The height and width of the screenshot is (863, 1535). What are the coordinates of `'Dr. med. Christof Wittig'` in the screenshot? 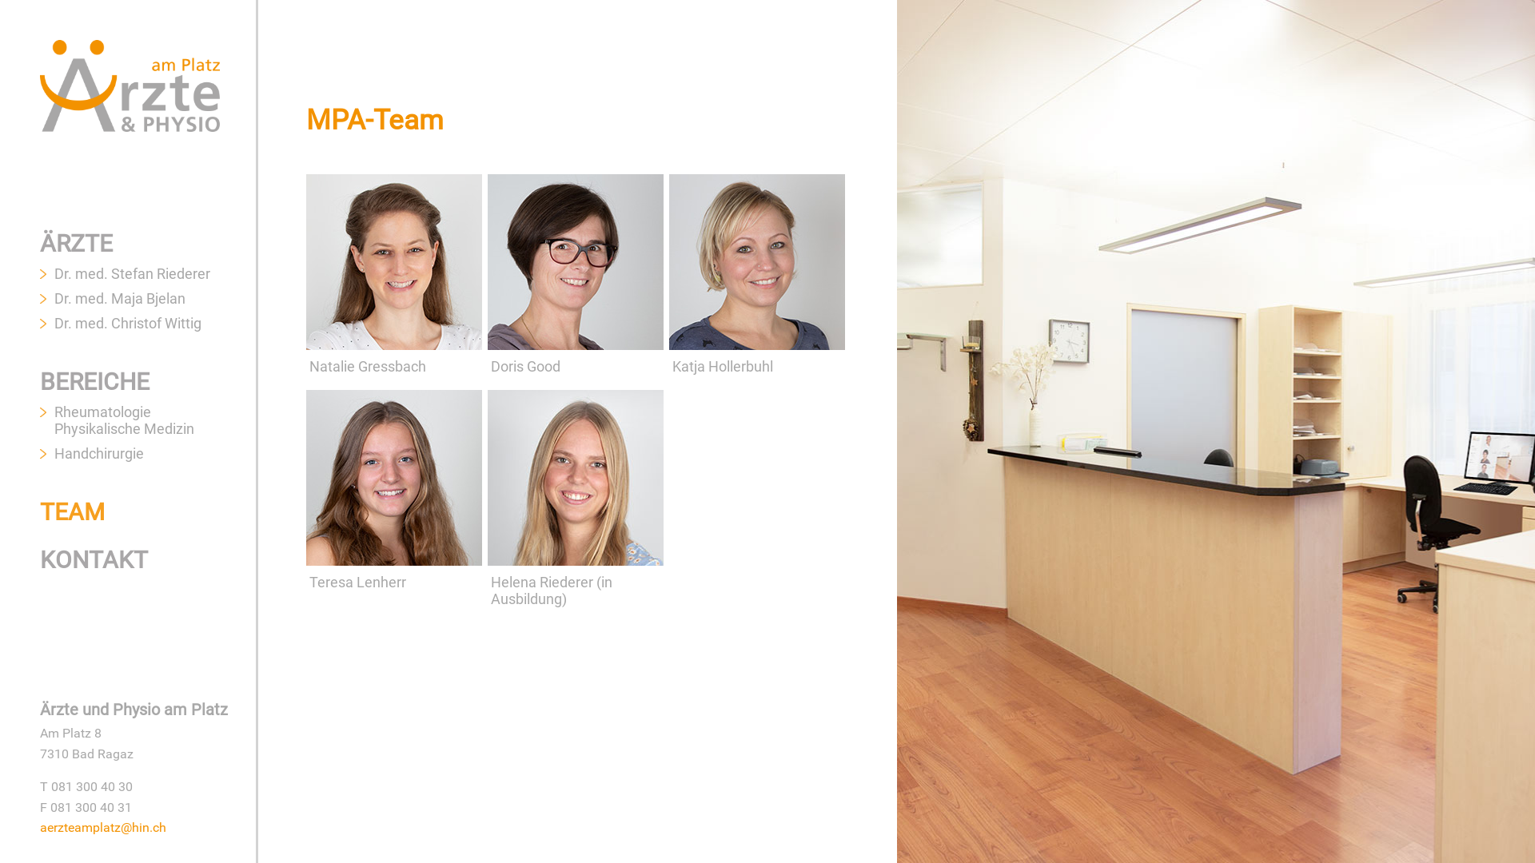 It's located at (126, 323).